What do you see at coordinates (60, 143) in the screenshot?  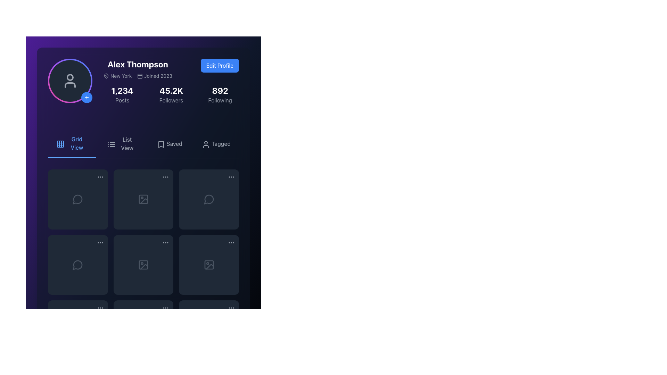 I see `the grid layout icon button, which is a small icon with nine squares representing a 3x3 grid, located to the left of the 'Grid View' text in the navigation component` at bounding box center [60, 143].